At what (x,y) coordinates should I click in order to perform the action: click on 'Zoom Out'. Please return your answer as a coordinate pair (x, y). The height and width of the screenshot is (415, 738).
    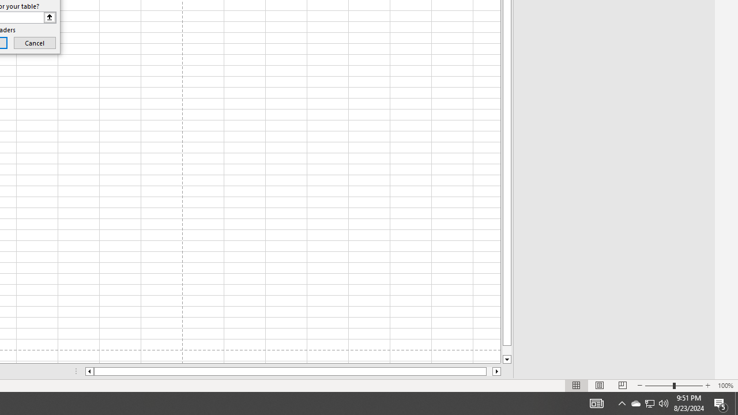
    Looking at the image, I should click on (659, 386).